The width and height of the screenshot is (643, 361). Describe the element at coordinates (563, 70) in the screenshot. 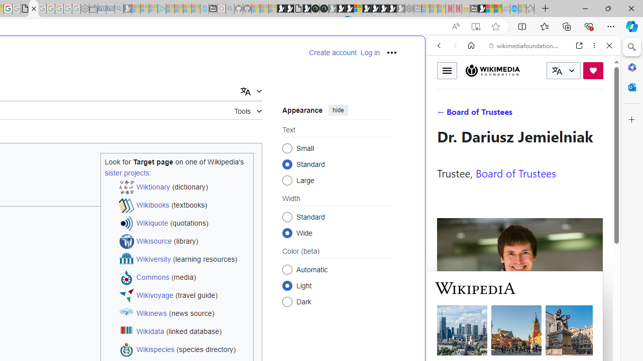

I see `'CURRENT LANGUAGE:'` at that location.